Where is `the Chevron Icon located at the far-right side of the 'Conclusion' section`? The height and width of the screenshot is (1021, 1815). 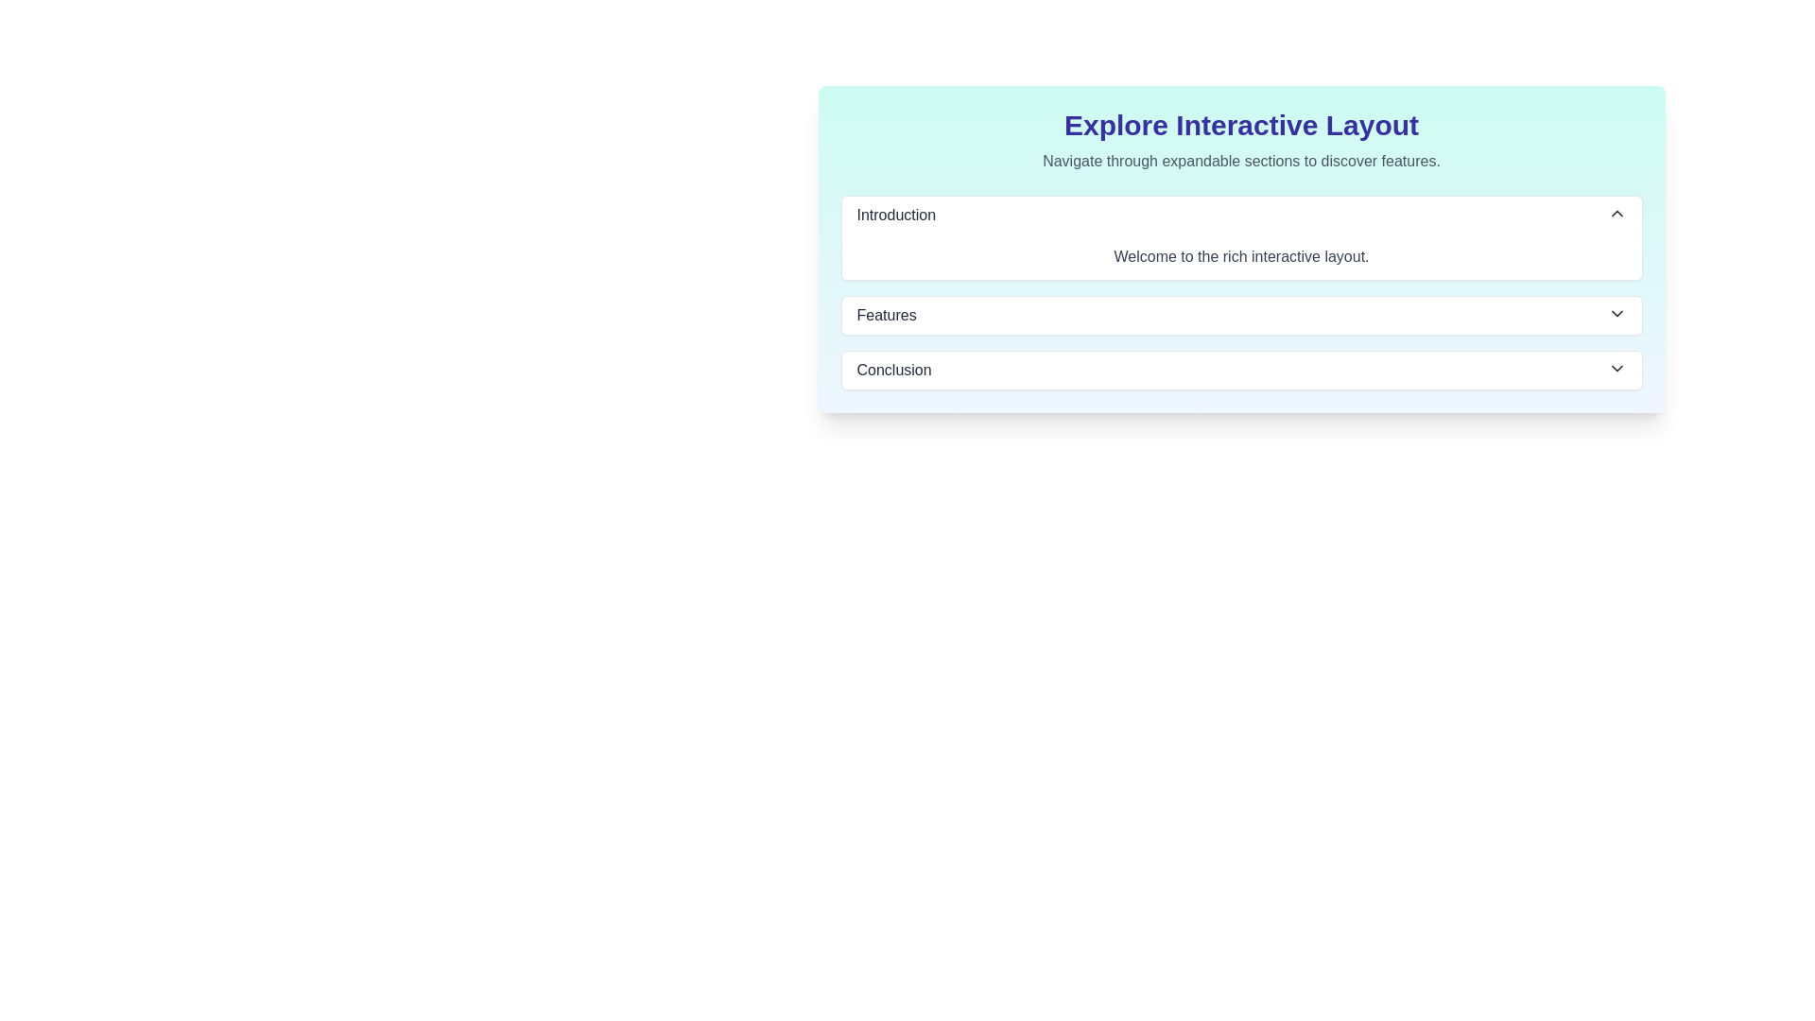 the Chevron Icon located at the far-right side of the 'Conclusion' section is located at coordinates (1616, 368).